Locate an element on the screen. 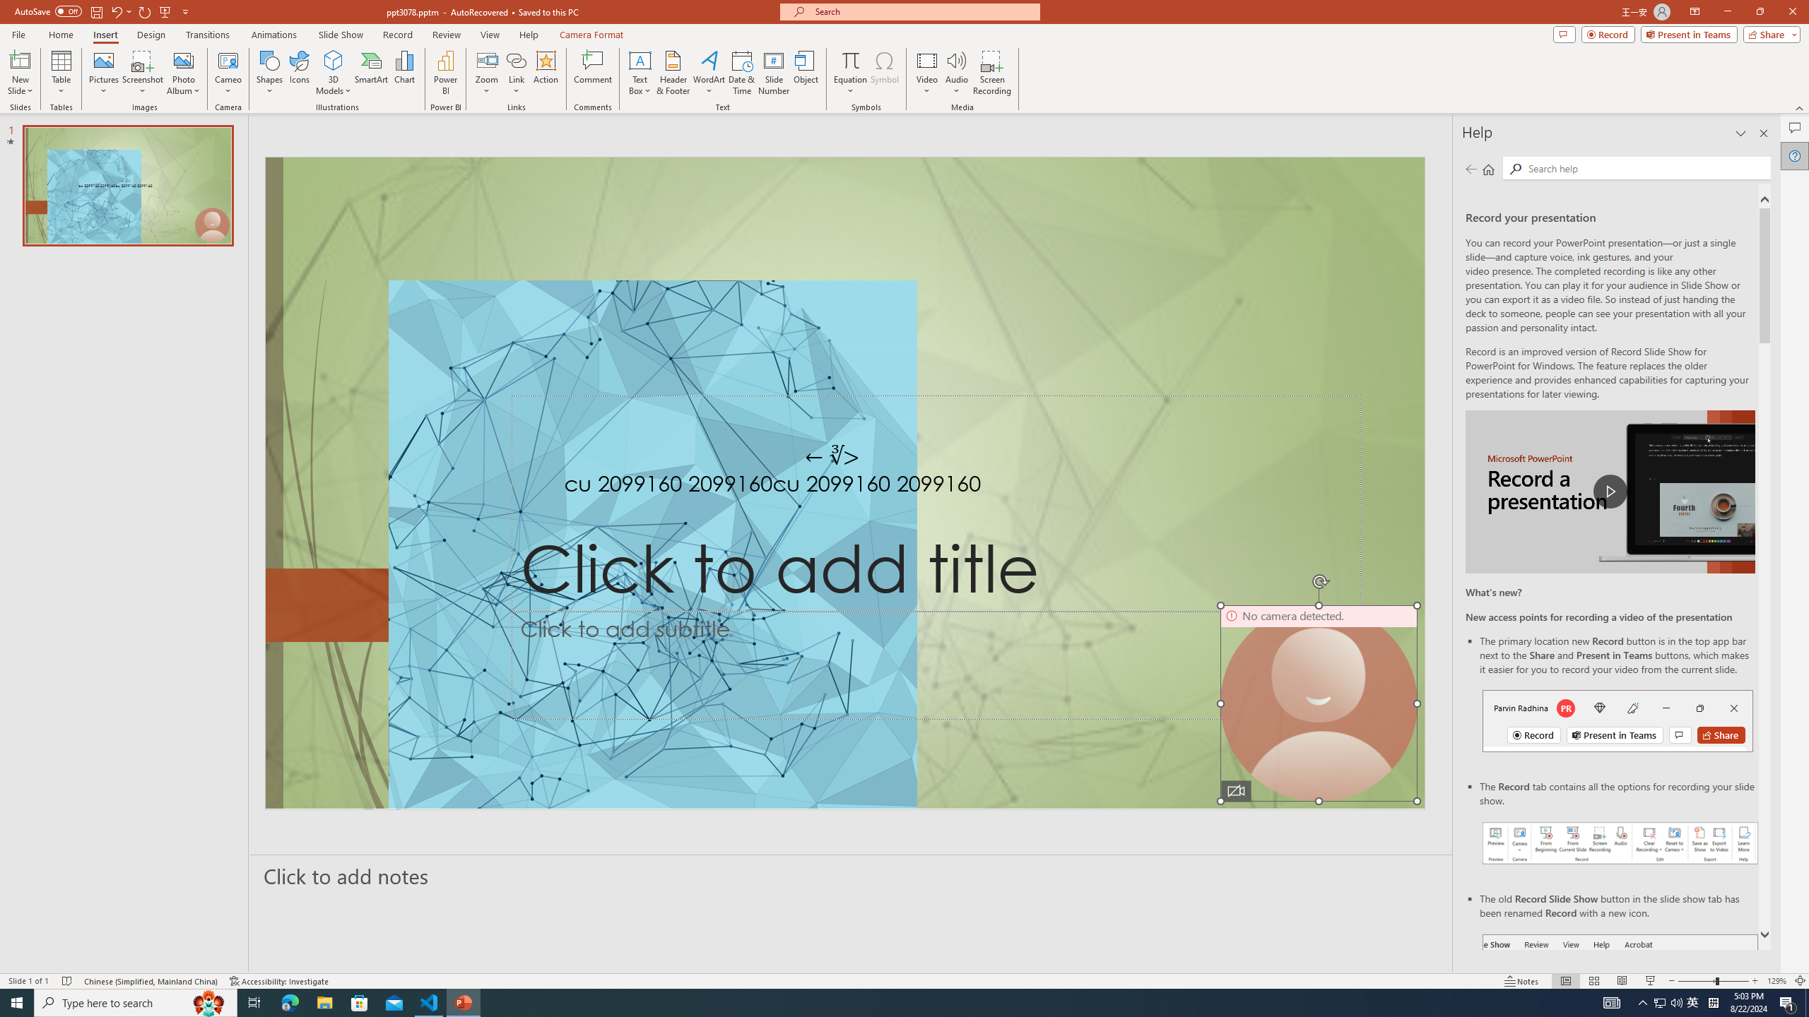  'Chart...' is located at coordinates (404, 73).